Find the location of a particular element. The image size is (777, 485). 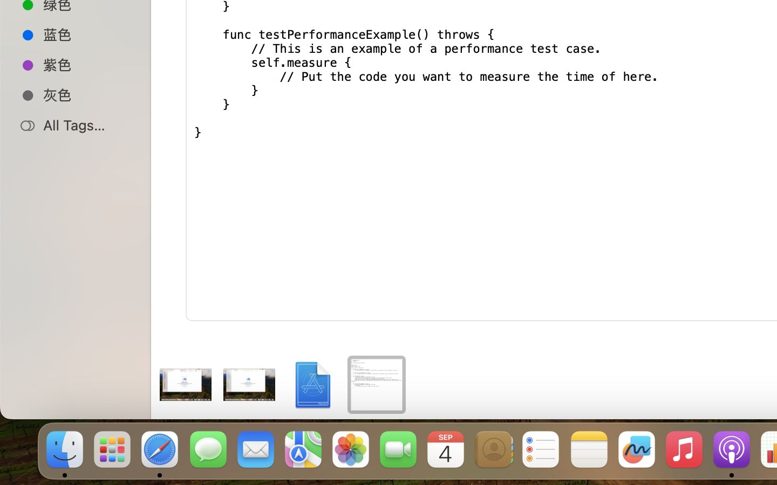

'蓝色' is located at coordinates (86, 33).